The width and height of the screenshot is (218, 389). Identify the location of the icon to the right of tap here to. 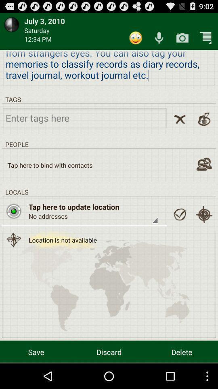
(180, 214).